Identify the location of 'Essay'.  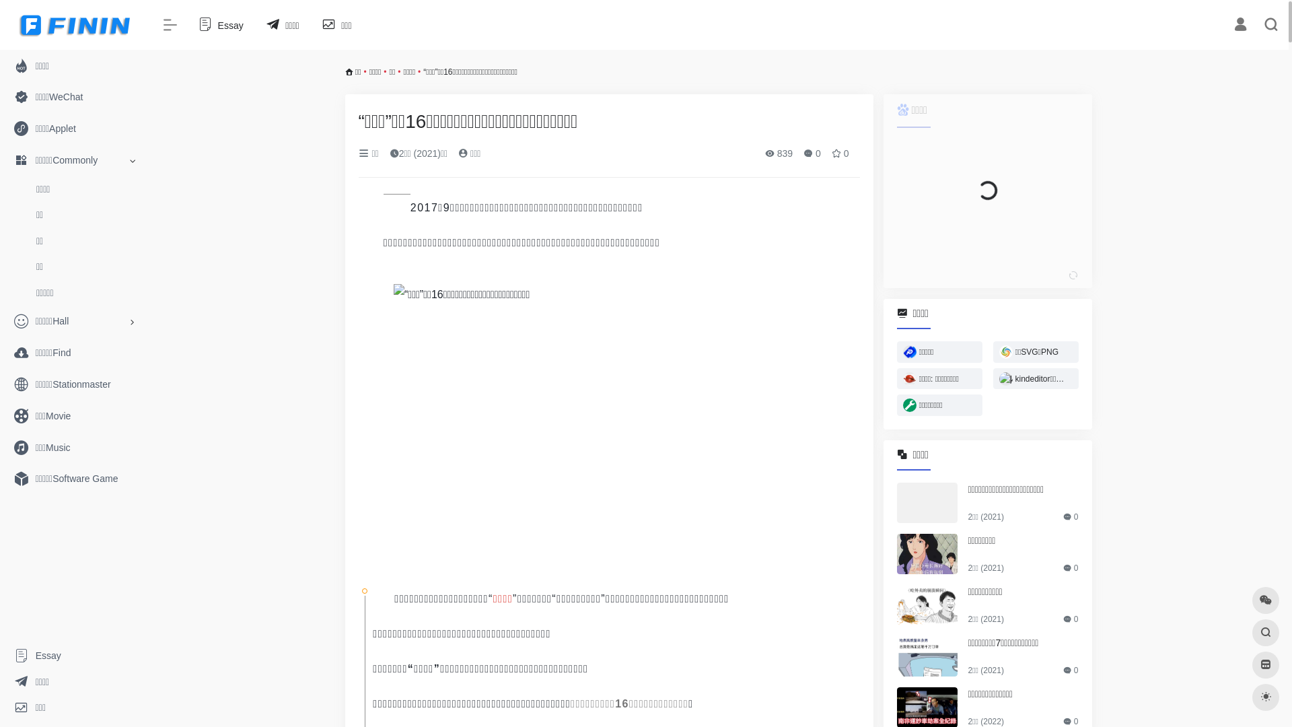
(73, 655).